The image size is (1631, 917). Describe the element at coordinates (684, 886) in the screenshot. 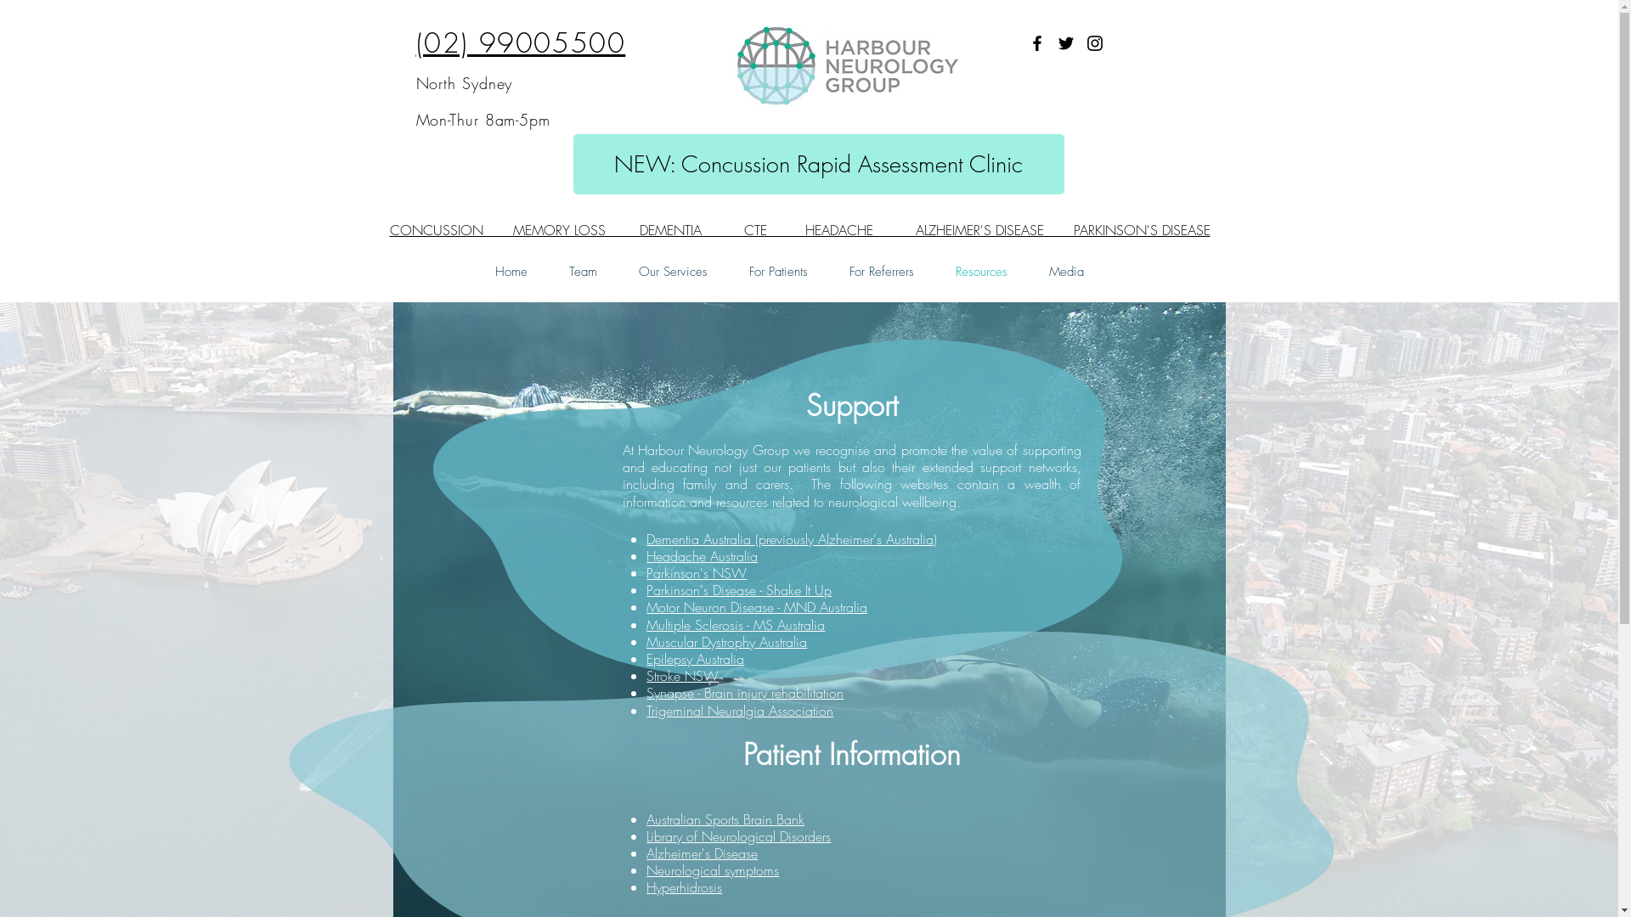

I see `'Hyperhidrosis'` at that location.